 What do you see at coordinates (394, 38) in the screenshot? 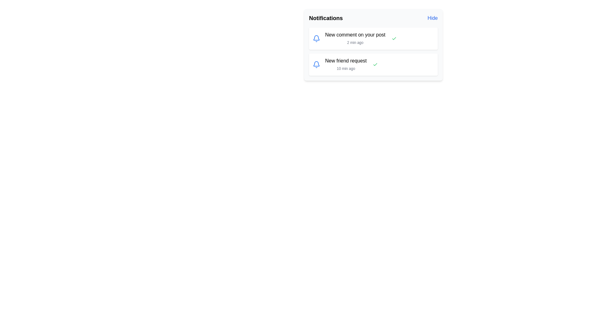
I see `the small green checkmark icon button located in the top notification row of the 'Notifications' panel, to the far right of the text 'New comment on your post' to acknowledge the notification` at bounding box center [394, 38].